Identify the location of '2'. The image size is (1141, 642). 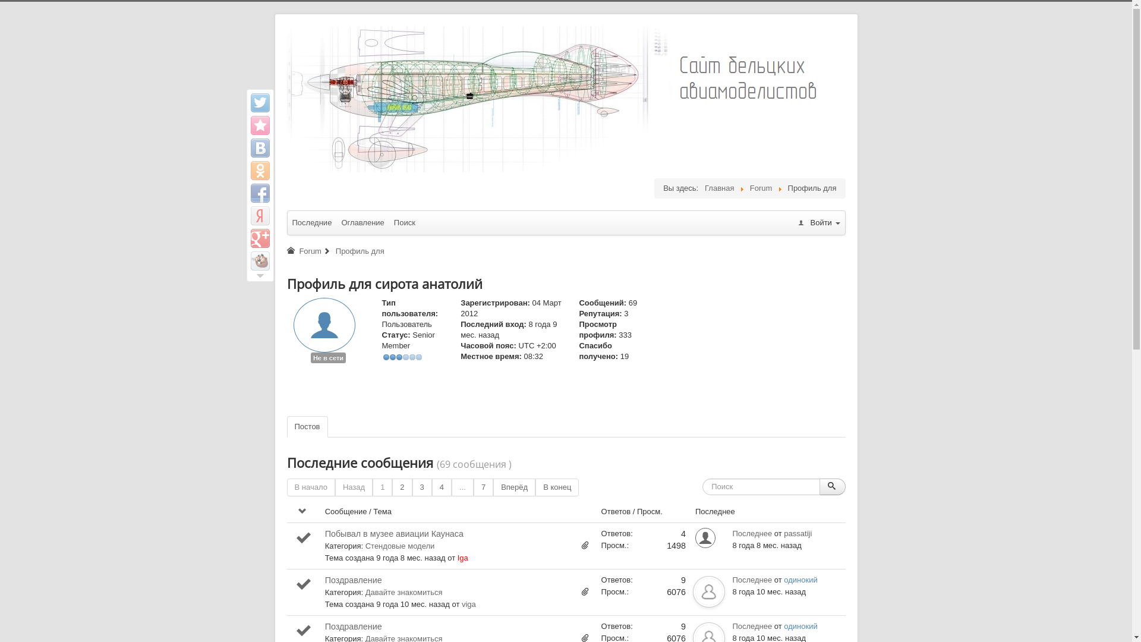
(402, 487).